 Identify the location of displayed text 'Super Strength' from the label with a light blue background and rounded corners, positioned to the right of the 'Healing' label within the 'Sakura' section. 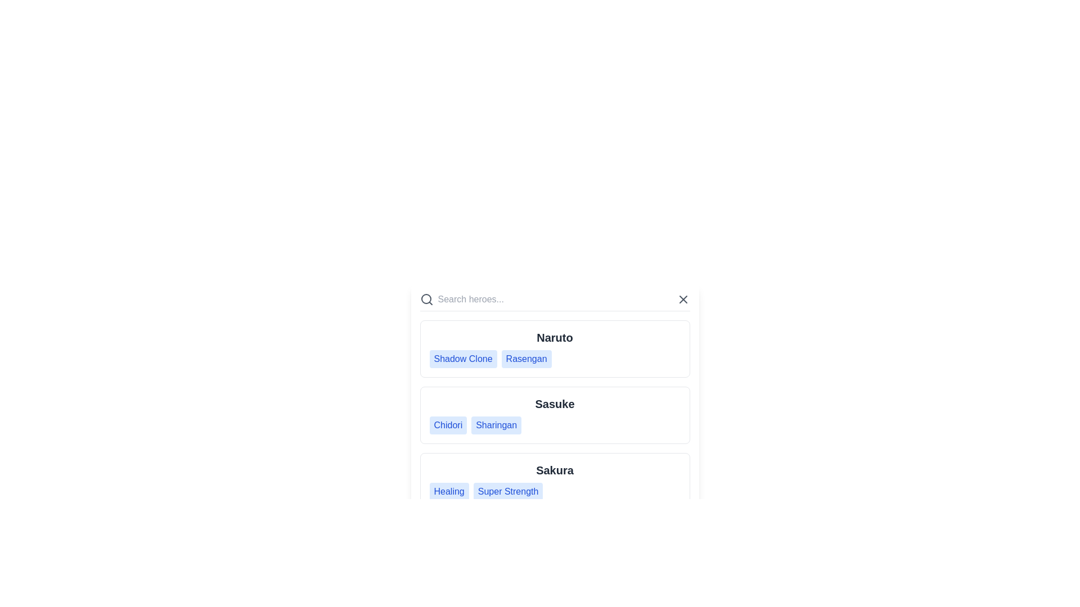
(507, 491).